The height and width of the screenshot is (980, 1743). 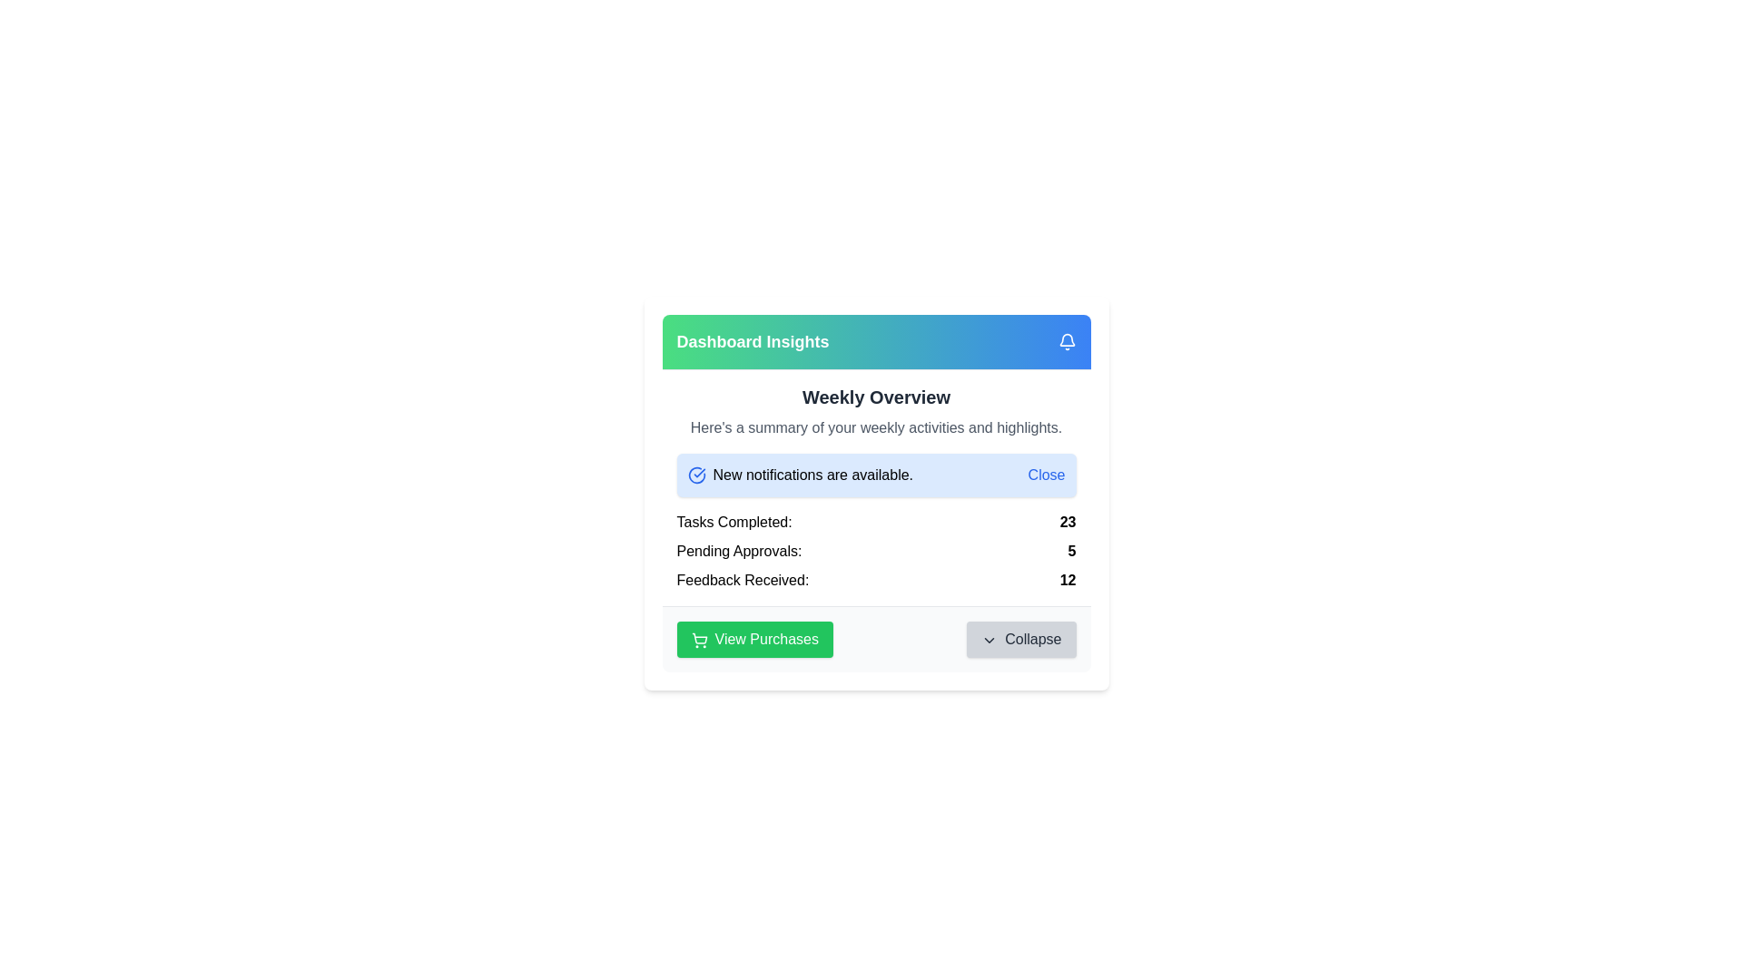 What do you see at coordinates (876, 397) in the screenshot?
I see `the Heading that serves as a section header for weekly activities, located below the 'Dashboard Insights' colored section` at bounding box center [876, 397].